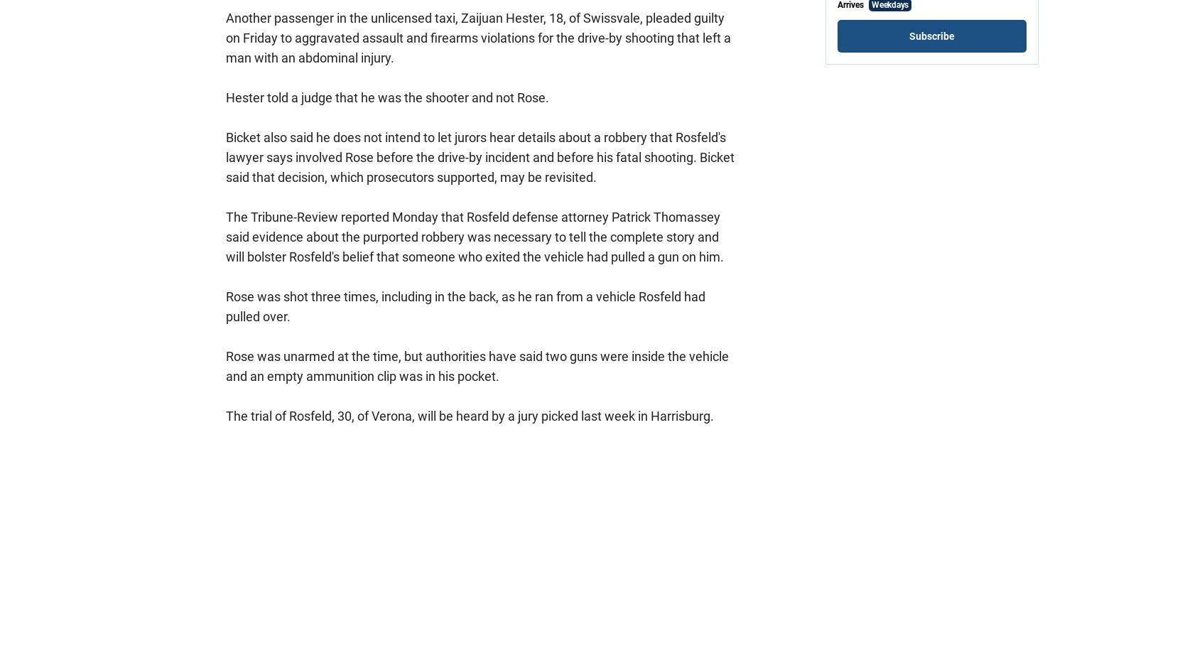 The image size is (1202, 651). I want to click on 'The trial of Rosfeld, 30, of Verona, will be heard by a jury picked last week in Harrisburg.', so click(224, 416).